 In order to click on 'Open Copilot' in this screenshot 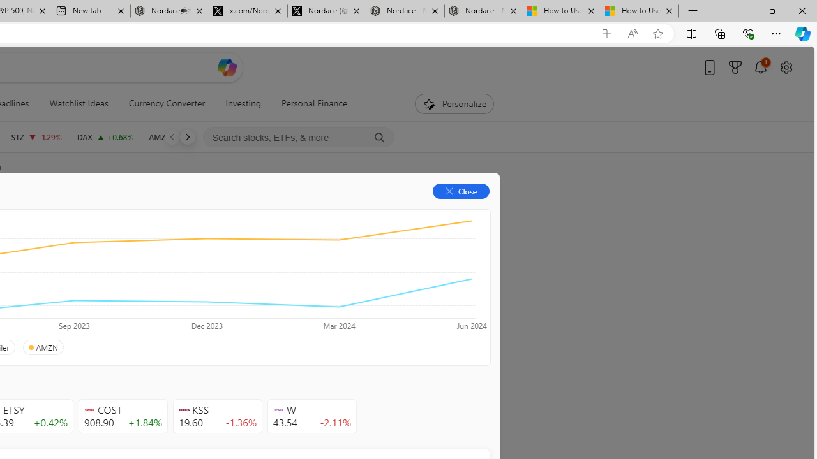, I will do `click(227, 67)`.